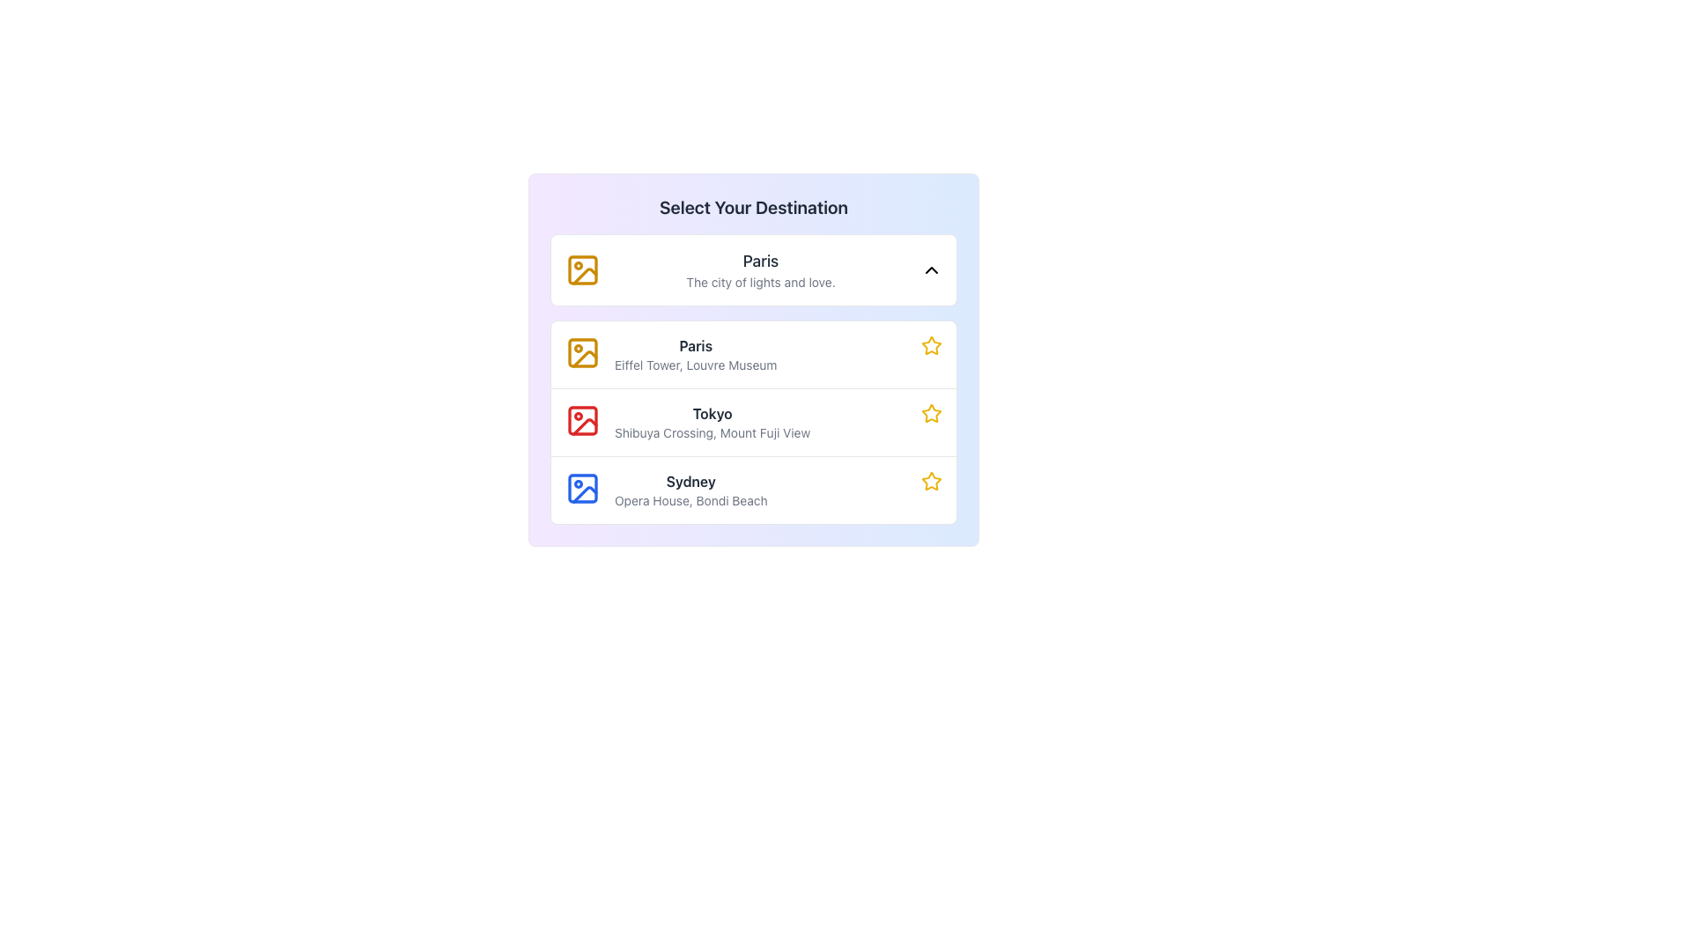 The width and height of the screenshot is (1691, 951). Describe the element at coordinates (583, 421) in the screenshot. I see `the design of the red square-shaped icon with rounded corners located to the left of the 'Tokyo' text in the destinations list` at that location.